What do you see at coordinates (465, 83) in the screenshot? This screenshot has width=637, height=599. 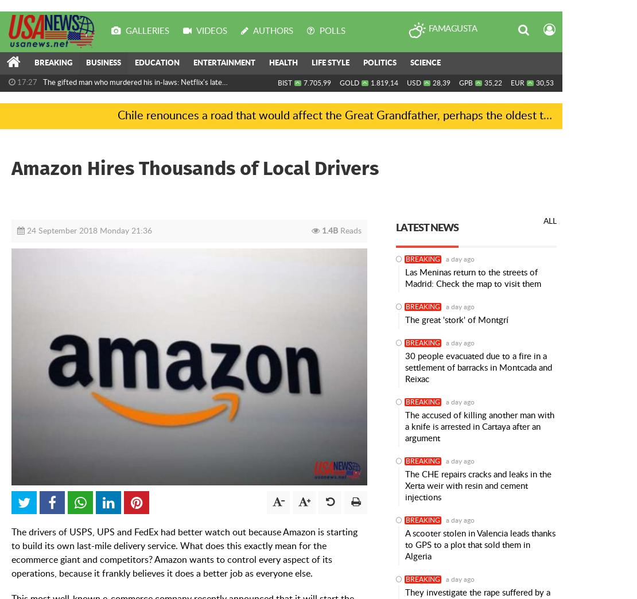 I see `'GPB'` at bounding box center [465, 83].